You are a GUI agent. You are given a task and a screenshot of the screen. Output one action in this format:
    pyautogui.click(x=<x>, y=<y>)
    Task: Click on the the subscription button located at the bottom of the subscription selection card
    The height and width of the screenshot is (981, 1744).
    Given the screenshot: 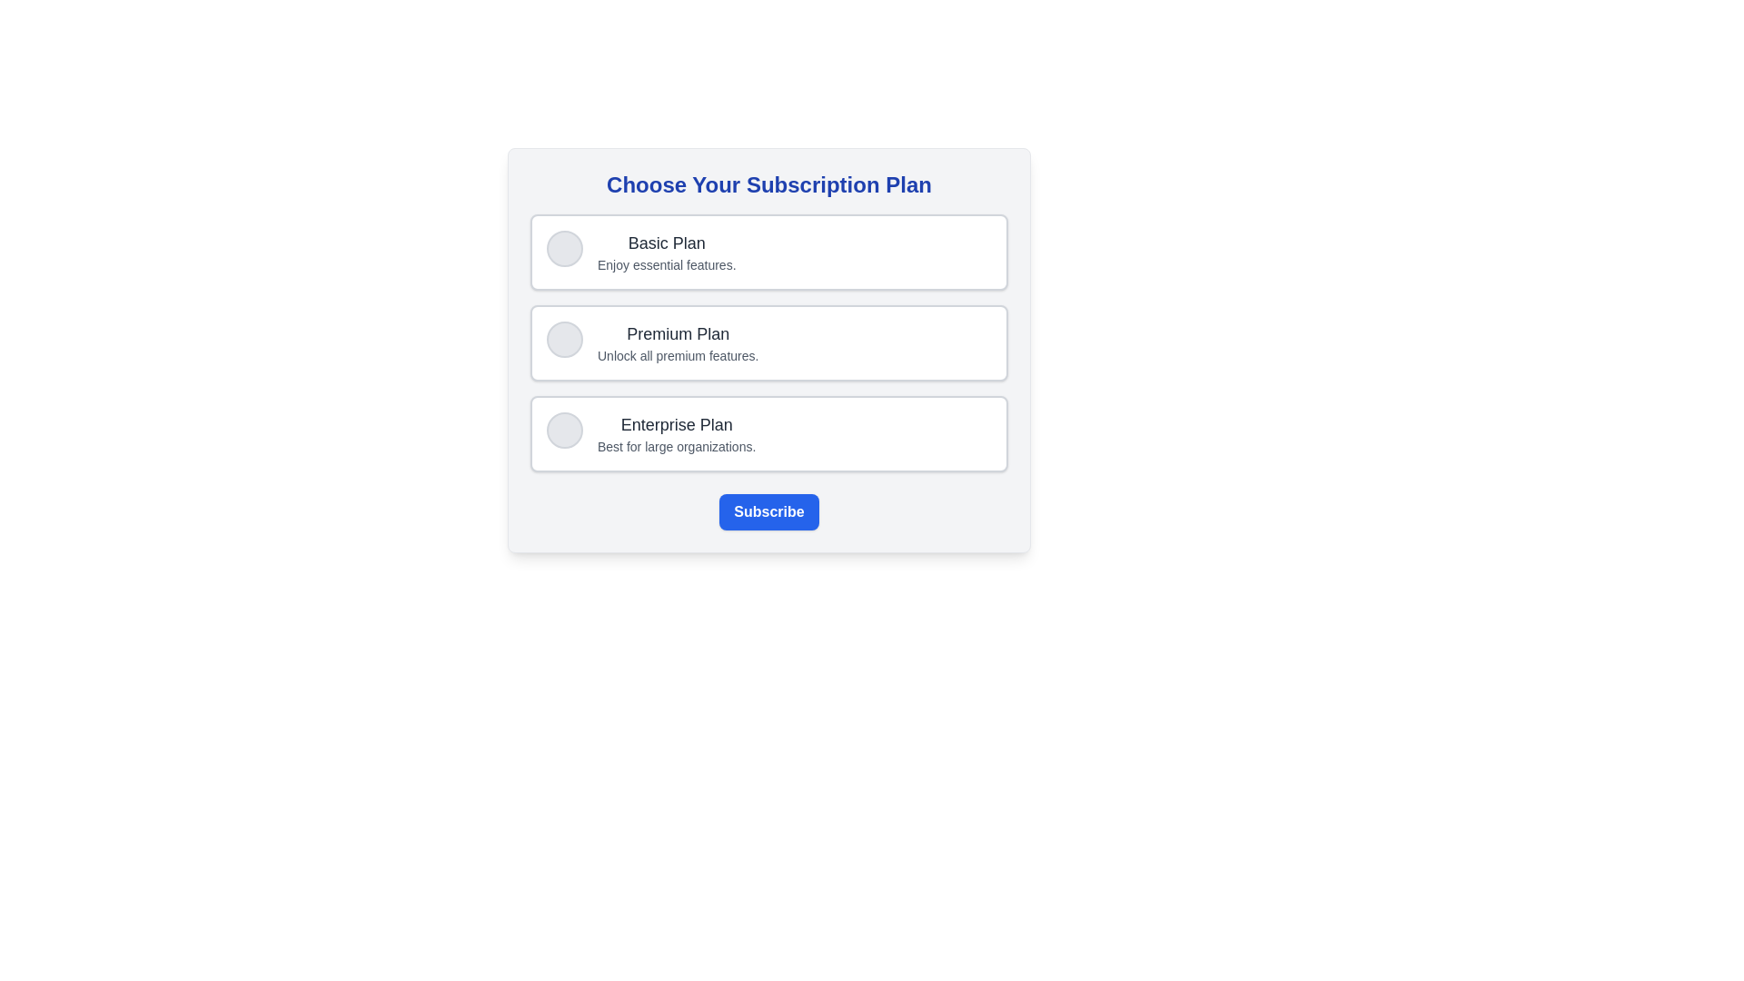 What is the action you would take?
    pyautogui.click(x=768, y=511)
    